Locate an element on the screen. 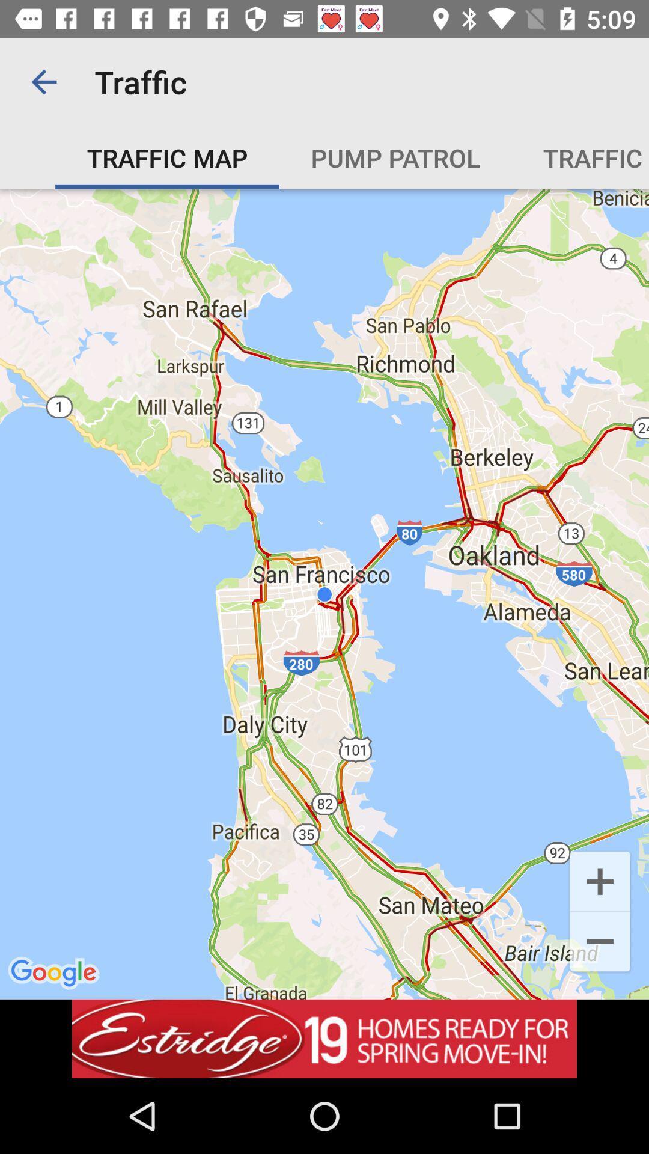 The image size is (649, 1154). advertisement is located at coordinates (324, 1038).